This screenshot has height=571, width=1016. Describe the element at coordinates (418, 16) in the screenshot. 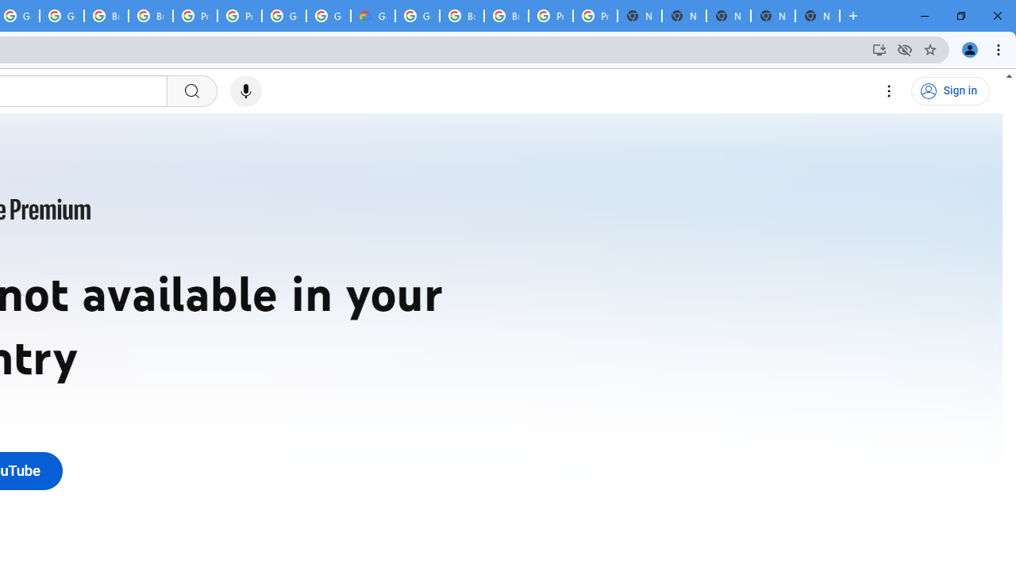

I see `'Google Cloud Platform'` at that location.